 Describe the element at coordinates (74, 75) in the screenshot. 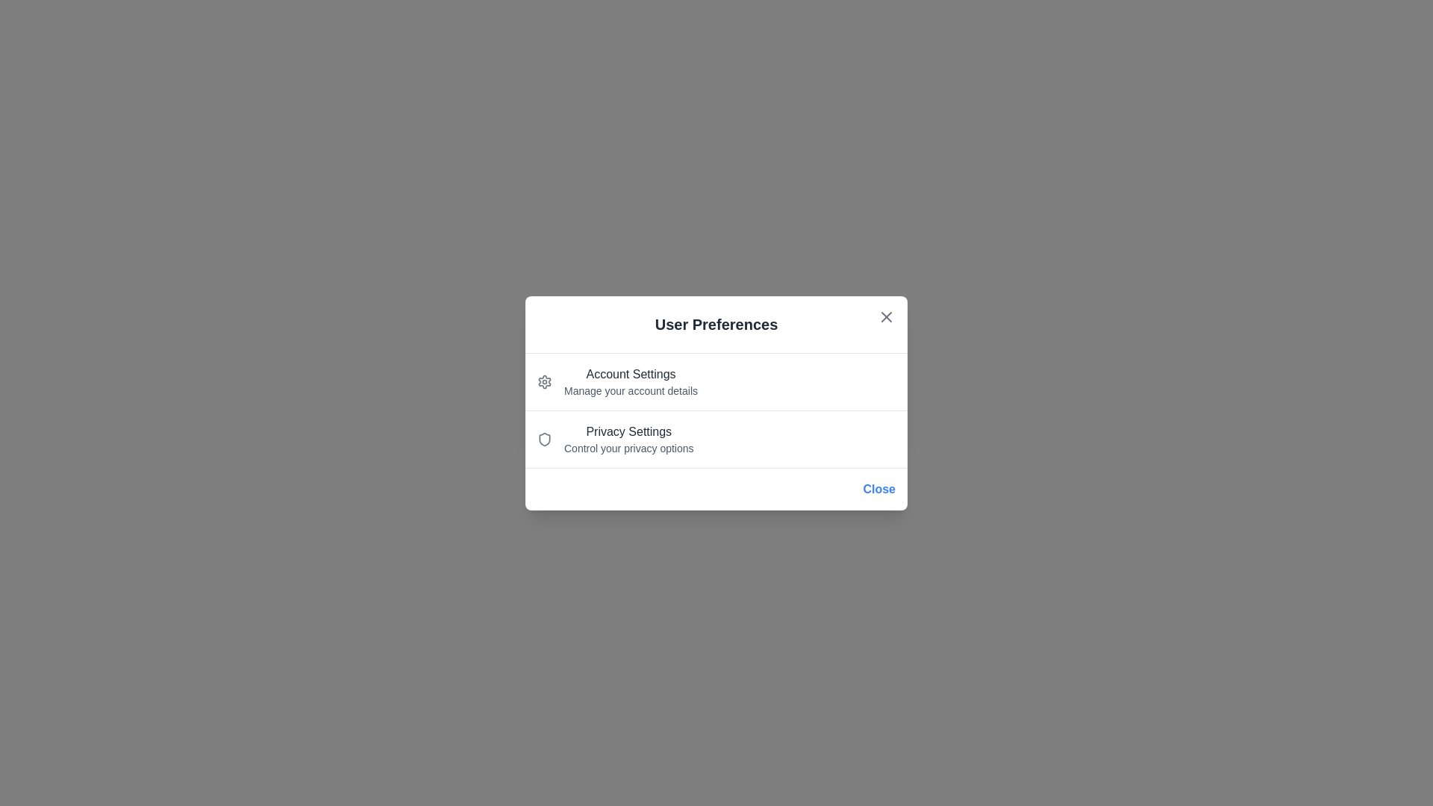

I see `the background area outside the dialog to dismiss it` at that location.